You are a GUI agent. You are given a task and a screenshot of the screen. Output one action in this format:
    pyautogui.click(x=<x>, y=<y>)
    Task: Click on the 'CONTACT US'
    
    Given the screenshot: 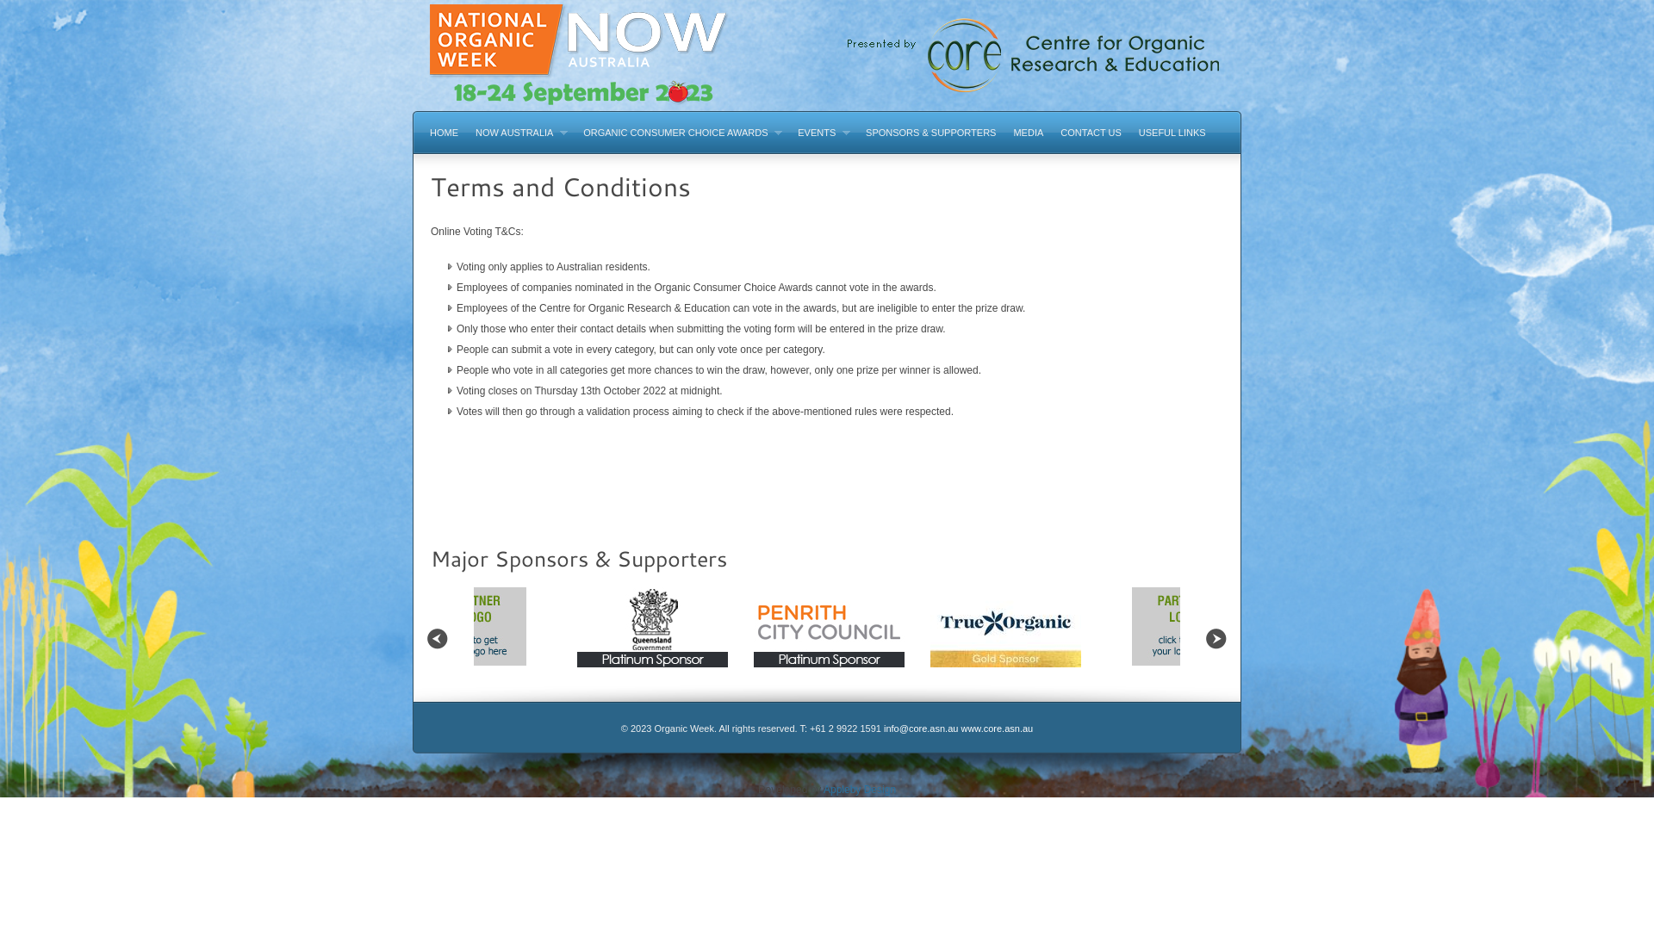 What is the action you would take?
    pyautogui.click(x=1090, y=131)
    